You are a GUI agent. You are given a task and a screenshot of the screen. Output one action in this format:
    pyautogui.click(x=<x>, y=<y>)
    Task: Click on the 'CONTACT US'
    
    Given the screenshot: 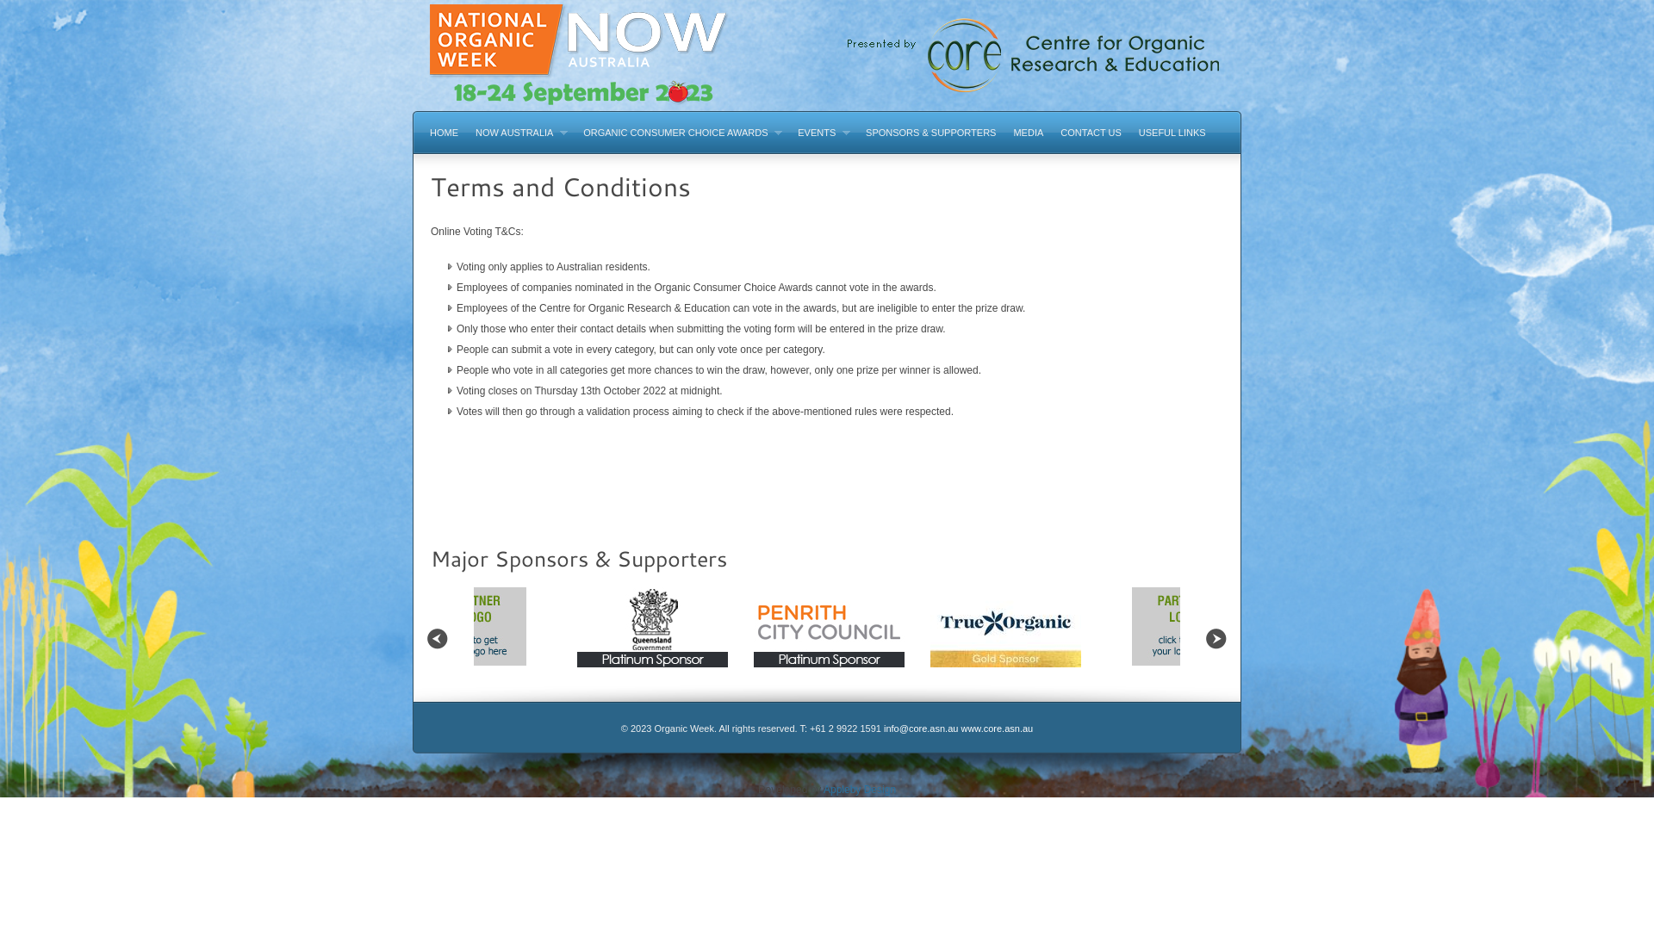 What is the action you would take?
    pyautogui.click(x=1090, y=131)
    